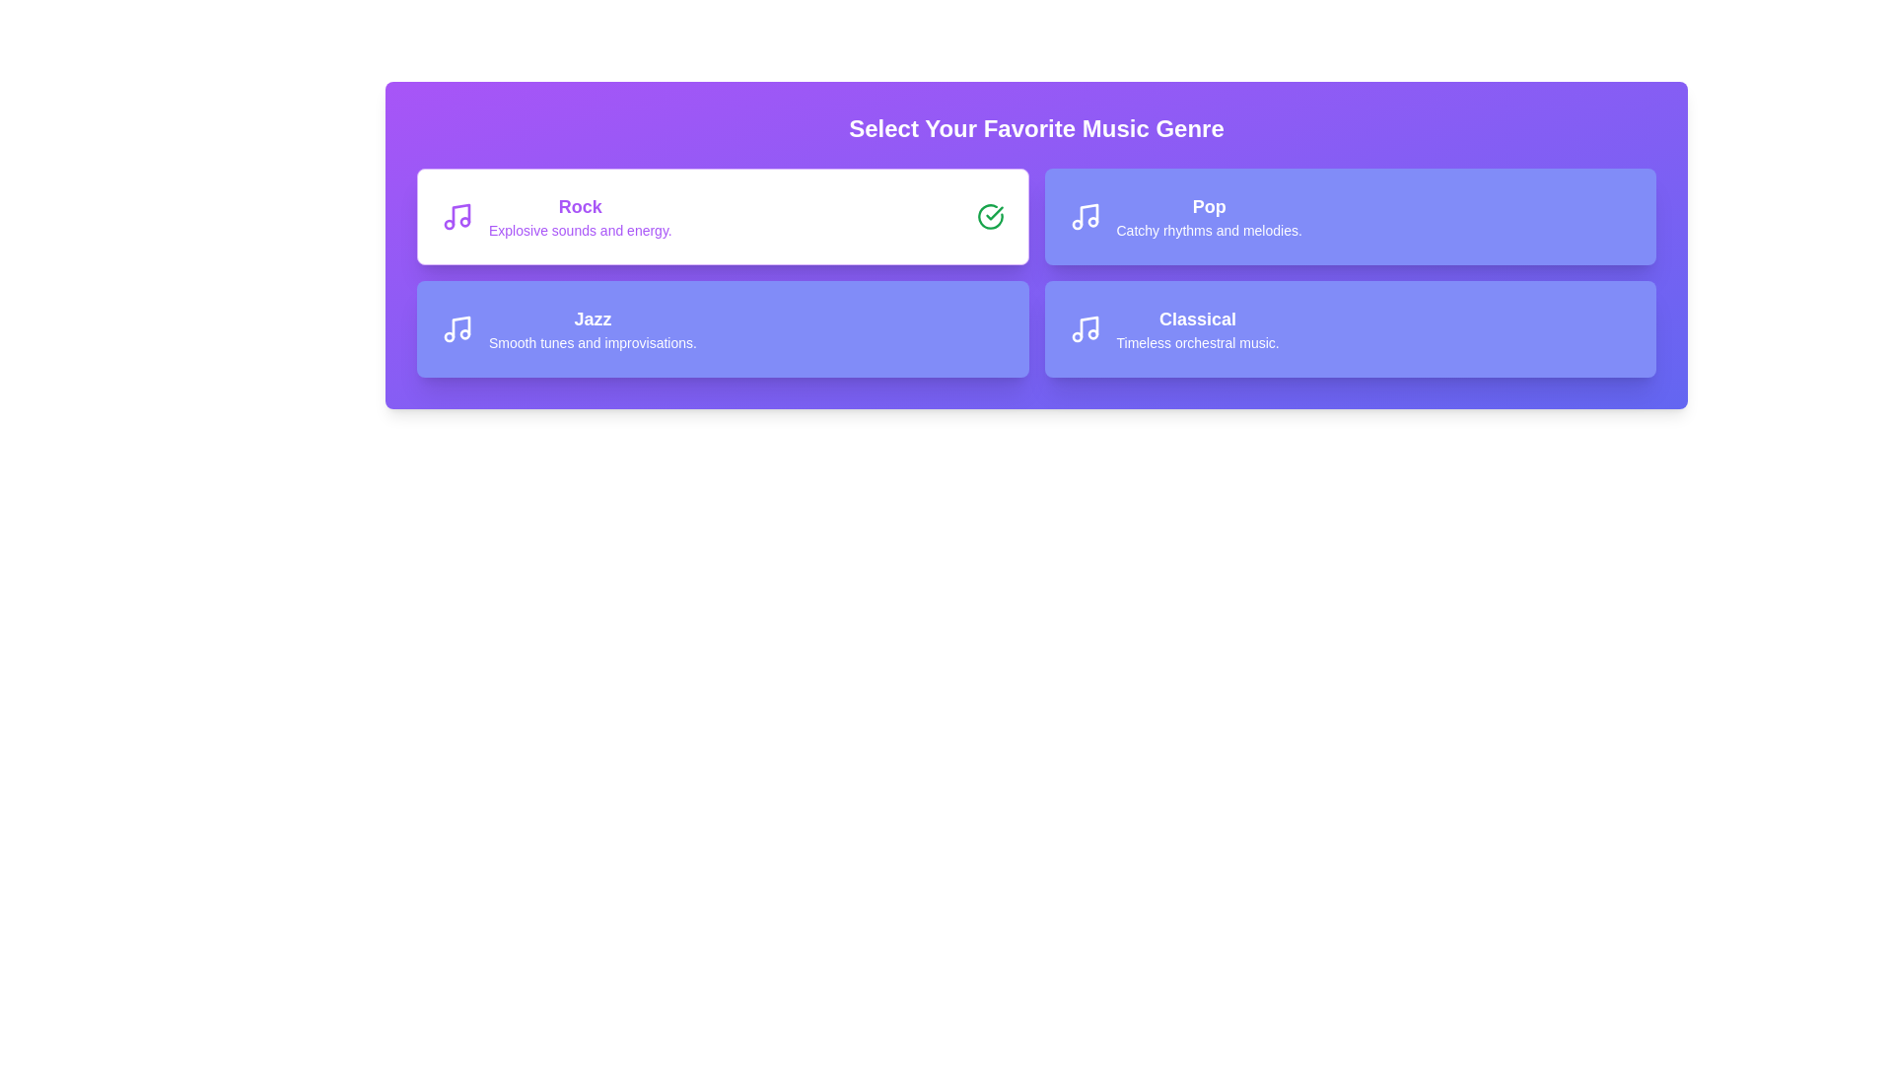 The image size is (1893, 1065). I want to click on the Text label indicating the music genre selection, located in the section labeled 'Select Your Favorite Music Genre', just above the subtitle 'Timeless orchestral music', so click(1197, 319).